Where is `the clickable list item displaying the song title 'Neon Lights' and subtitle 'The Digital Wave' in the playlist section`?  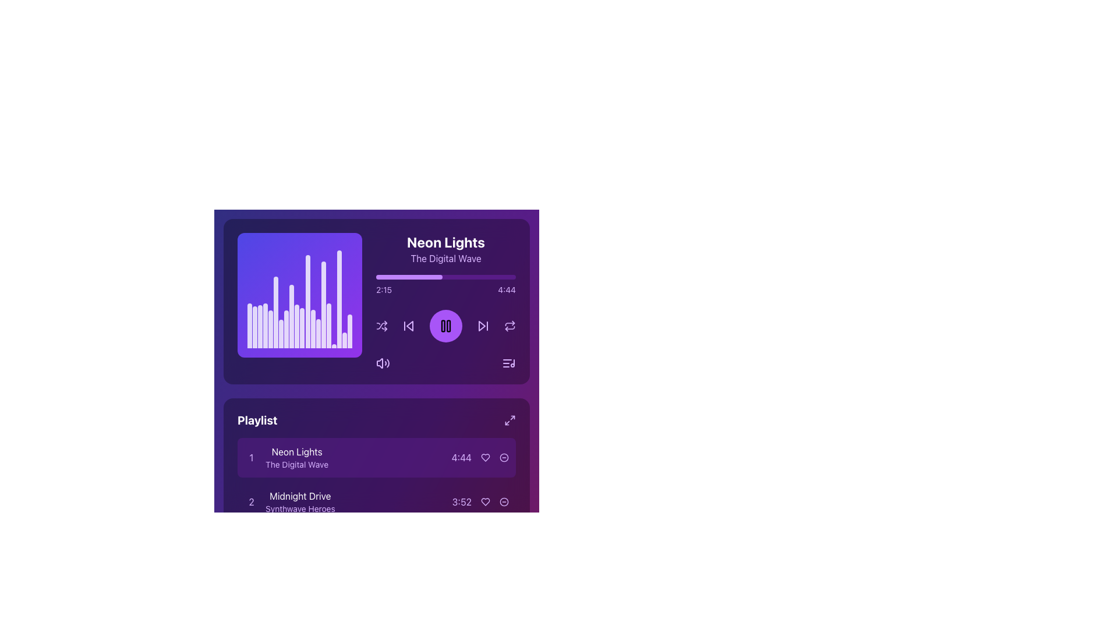
the clickable list item displaying the song title 'Neon Lights' and subtitle 'The Digital Wave' in the playlist section is located at coordinates (286, 457).